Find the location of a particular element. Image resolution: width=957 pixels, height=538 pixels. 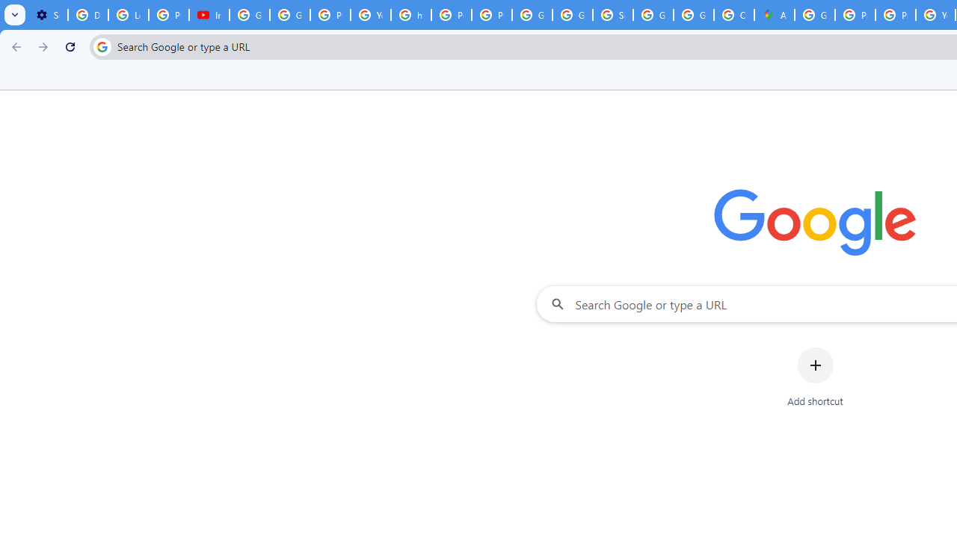

'Google Account Help' is located at coordinates (250, 15).